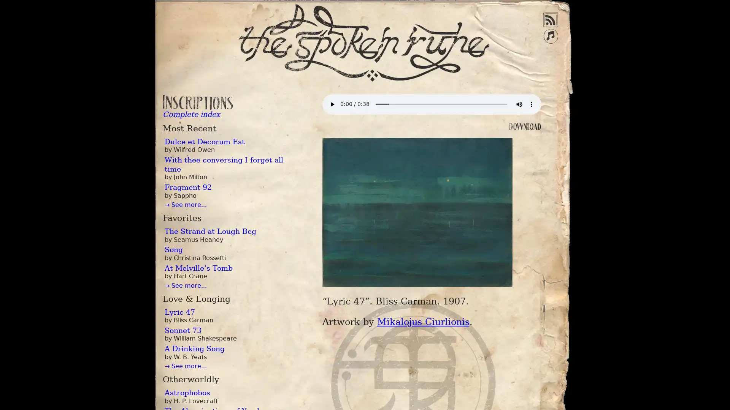 The image size is (730, 410). What do you see at coordinates (518, 104) in the screenshot?
I see `mute` at bounding box center [518, 104].